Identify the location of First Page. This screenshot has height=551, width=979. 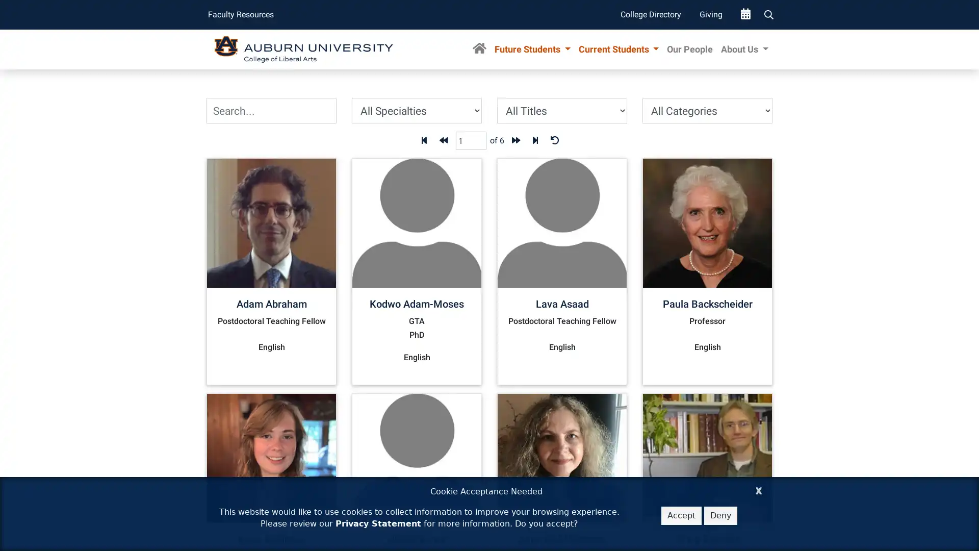
(423, 141).